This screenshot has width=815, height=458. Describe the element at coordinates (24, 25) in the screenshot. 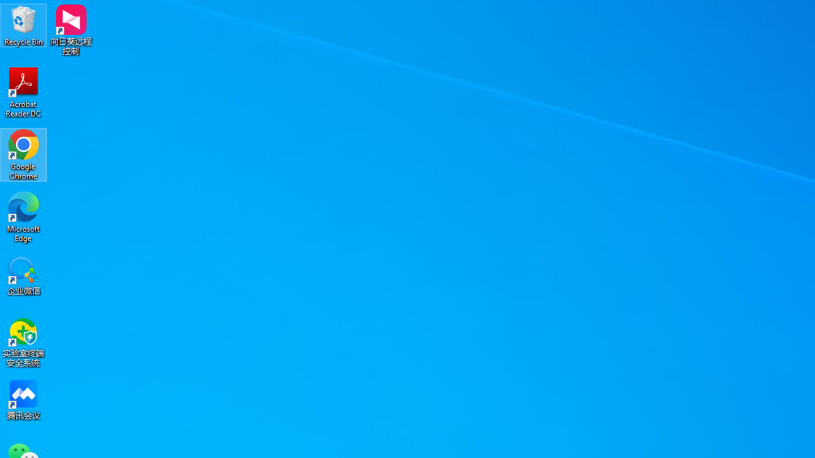

I see `'Recycle Bin'` at that location.